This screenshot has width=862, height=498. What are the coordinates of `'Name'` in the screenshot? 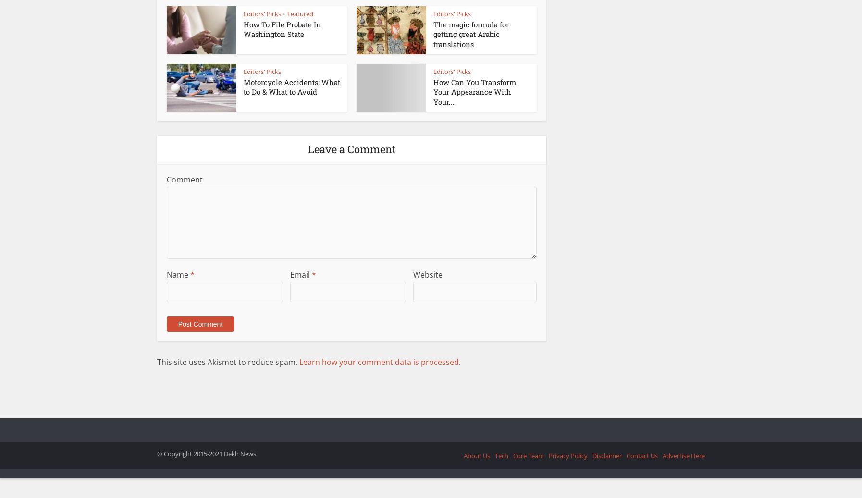 It's located at (178, 275).